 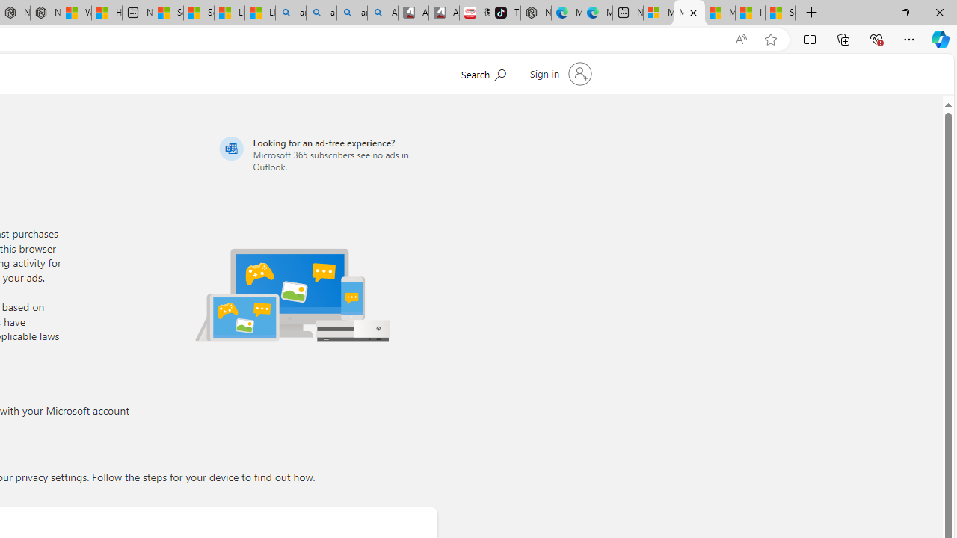 What do you see at coordinates (505, 13) in the screenshot?
I see `'TikTok'` at bounding box center [505, 13].